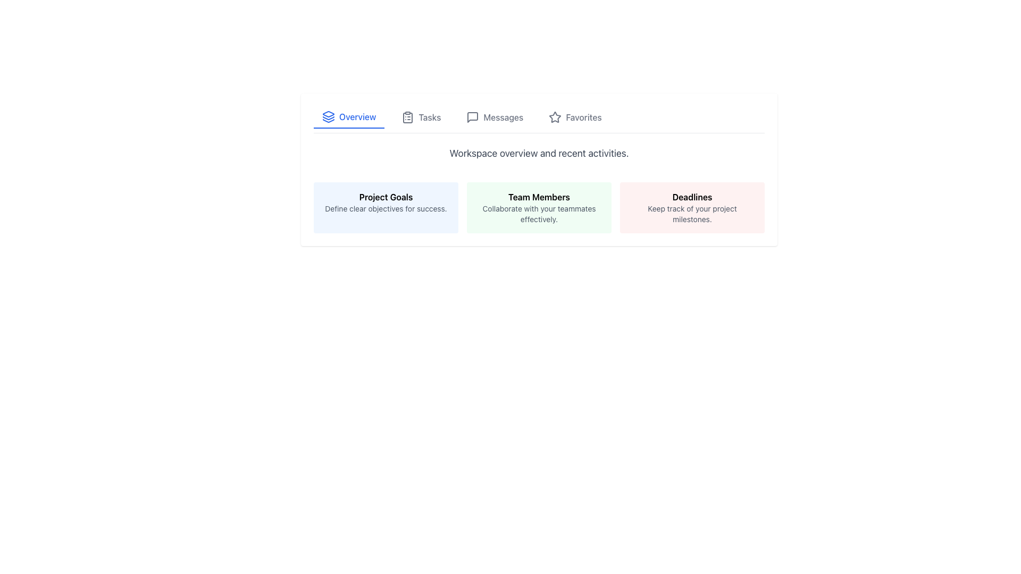  Describe the element at coordinates (385, 209) in the screenshot. I see `the text block that reads 'Define clear objectives for success.' which is styled in a small gray font and positioned below the 'Project Goals' heading` at that location.